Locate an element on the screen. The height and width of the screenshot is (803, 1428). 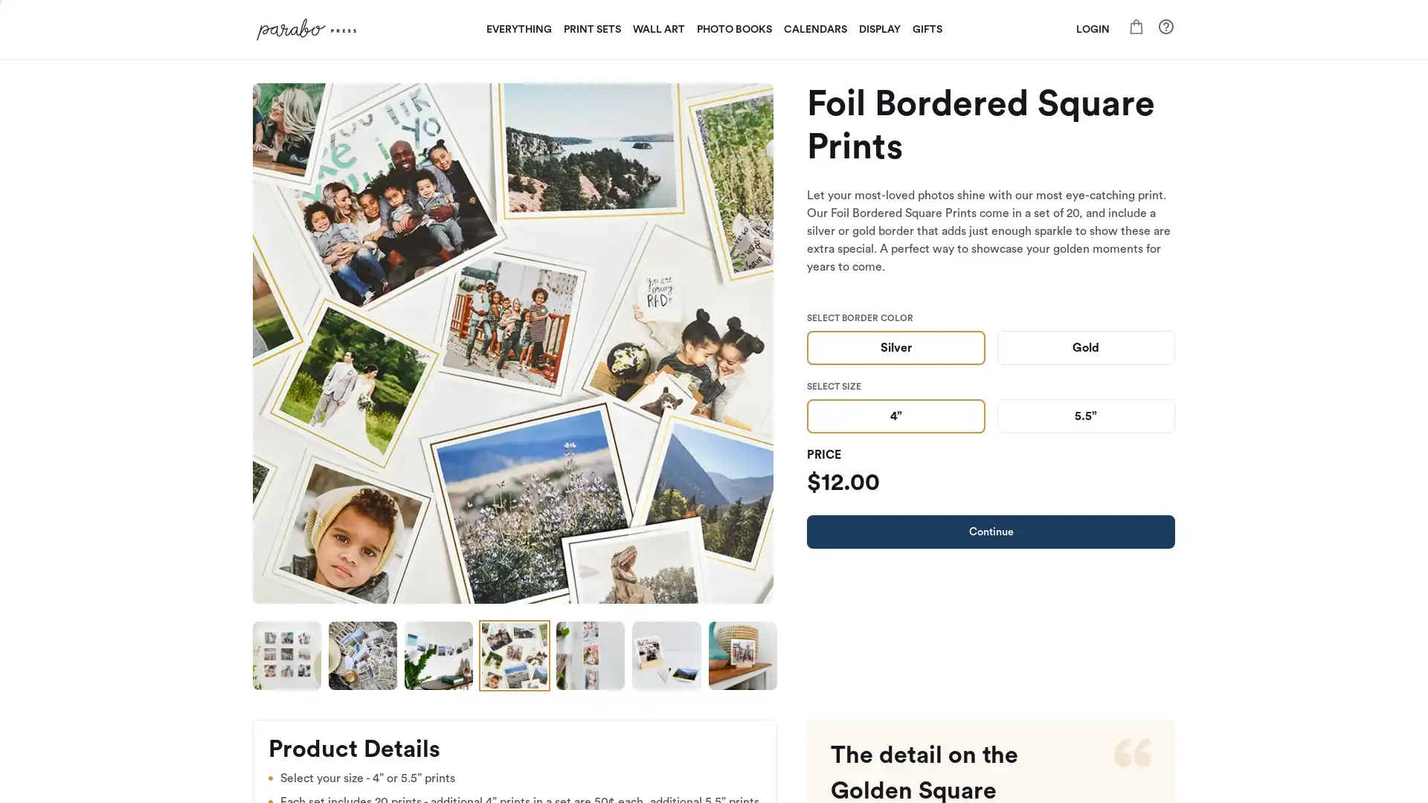
subscribe is located at coordinates (817, 573).